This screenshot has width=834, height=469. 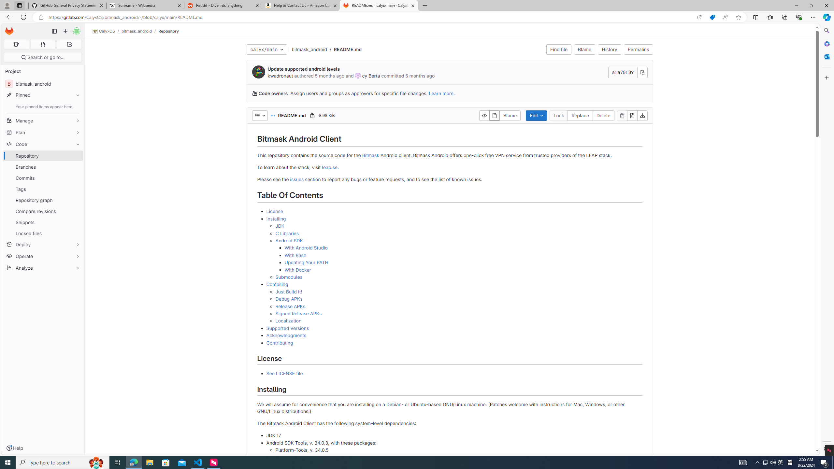 What do you see at coordinates (276, 218) in the screenshot?
I see `'Installing'` at bounding box center [276, 218].